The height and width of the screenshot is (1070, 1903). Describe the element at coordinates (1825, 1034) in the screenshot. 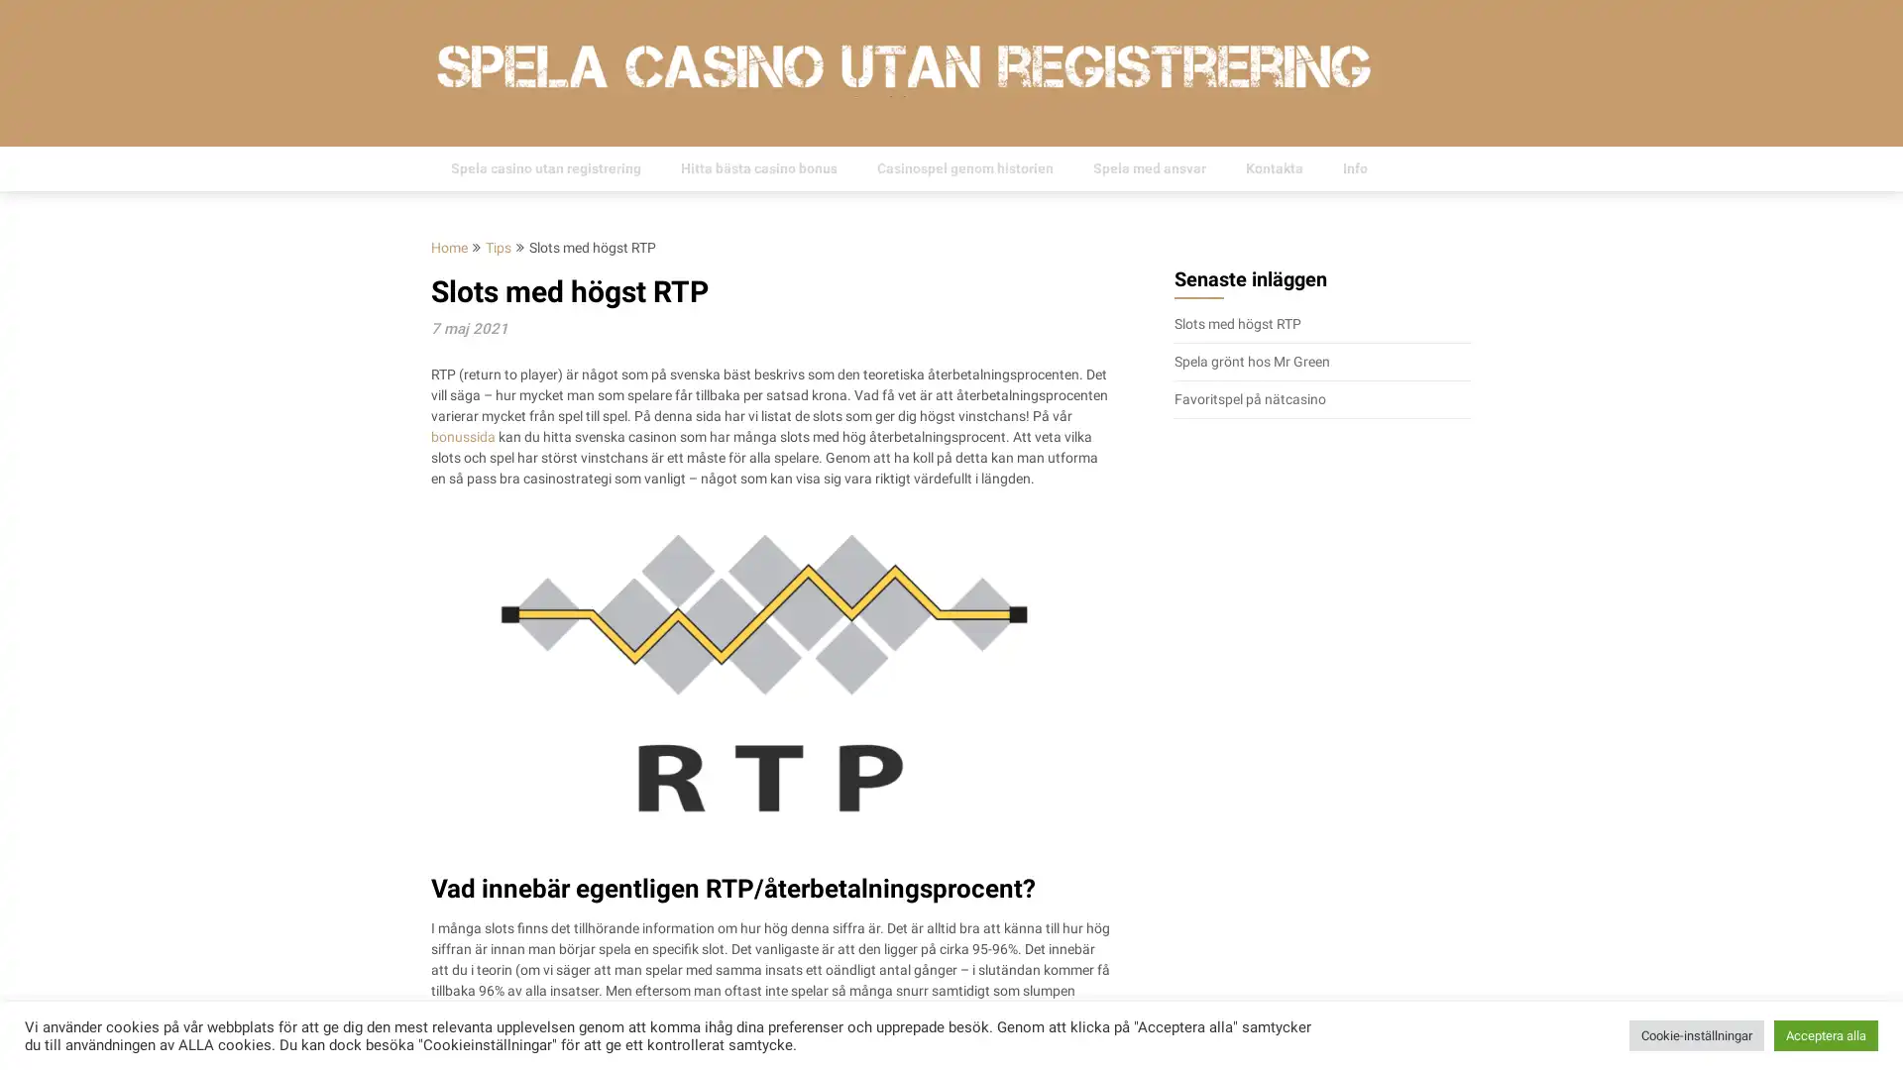

I see `Acceptera alla` at that location.